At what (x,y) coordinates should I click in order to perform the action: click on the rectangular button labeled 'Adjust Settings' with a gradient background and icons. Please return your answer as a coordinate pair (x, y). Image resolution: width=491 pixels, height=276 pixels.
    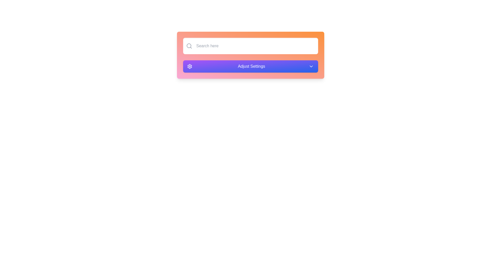
    Looking at the image, I should click on (250, 66).